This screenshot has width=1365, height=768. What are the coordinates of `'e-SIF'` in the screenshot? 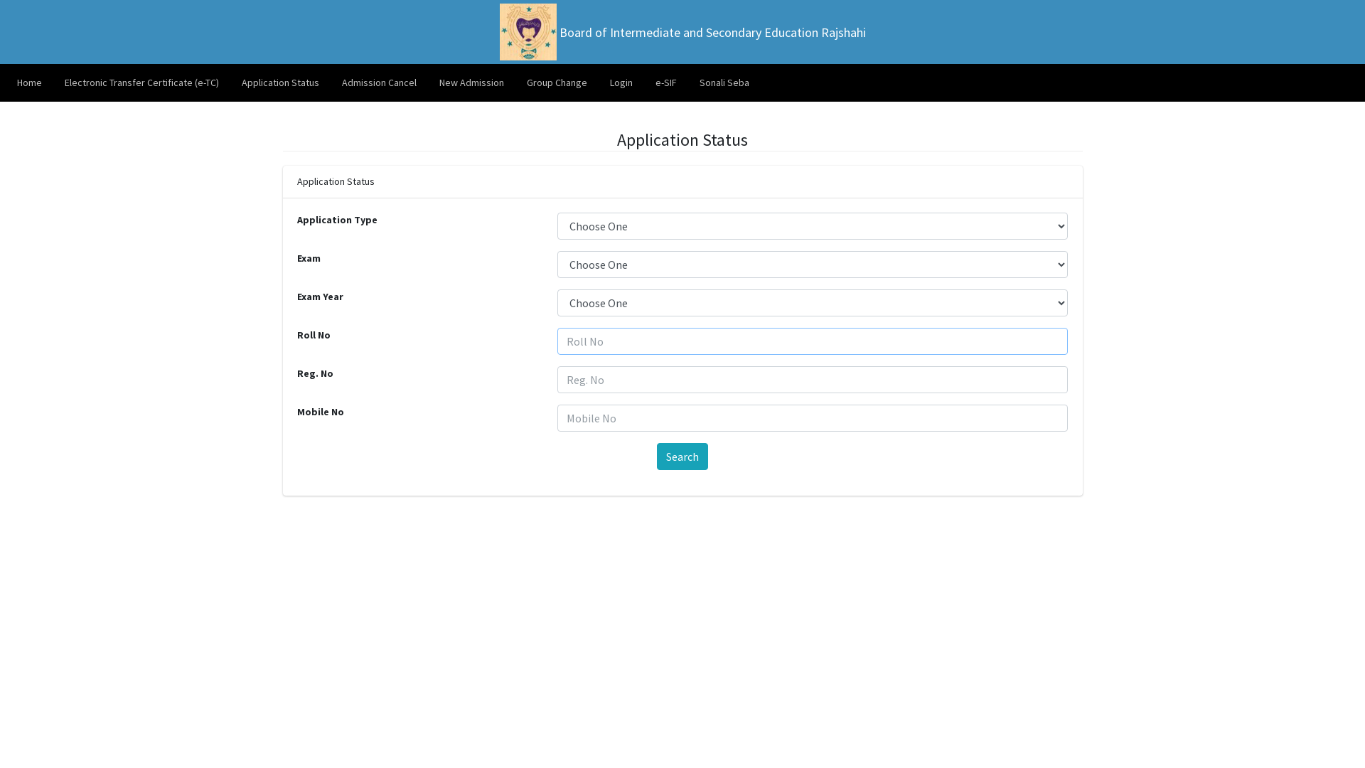 It's located at (665, 82).